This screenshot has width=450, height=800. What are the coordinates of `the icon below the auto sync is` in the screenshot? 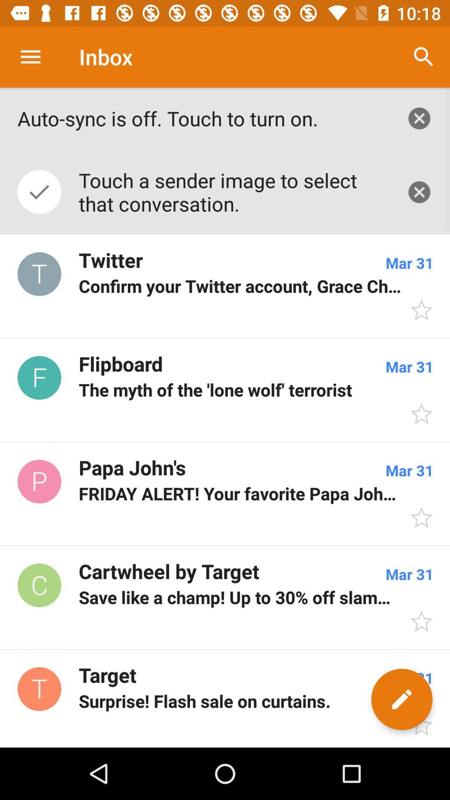 It's located at (225, 201).